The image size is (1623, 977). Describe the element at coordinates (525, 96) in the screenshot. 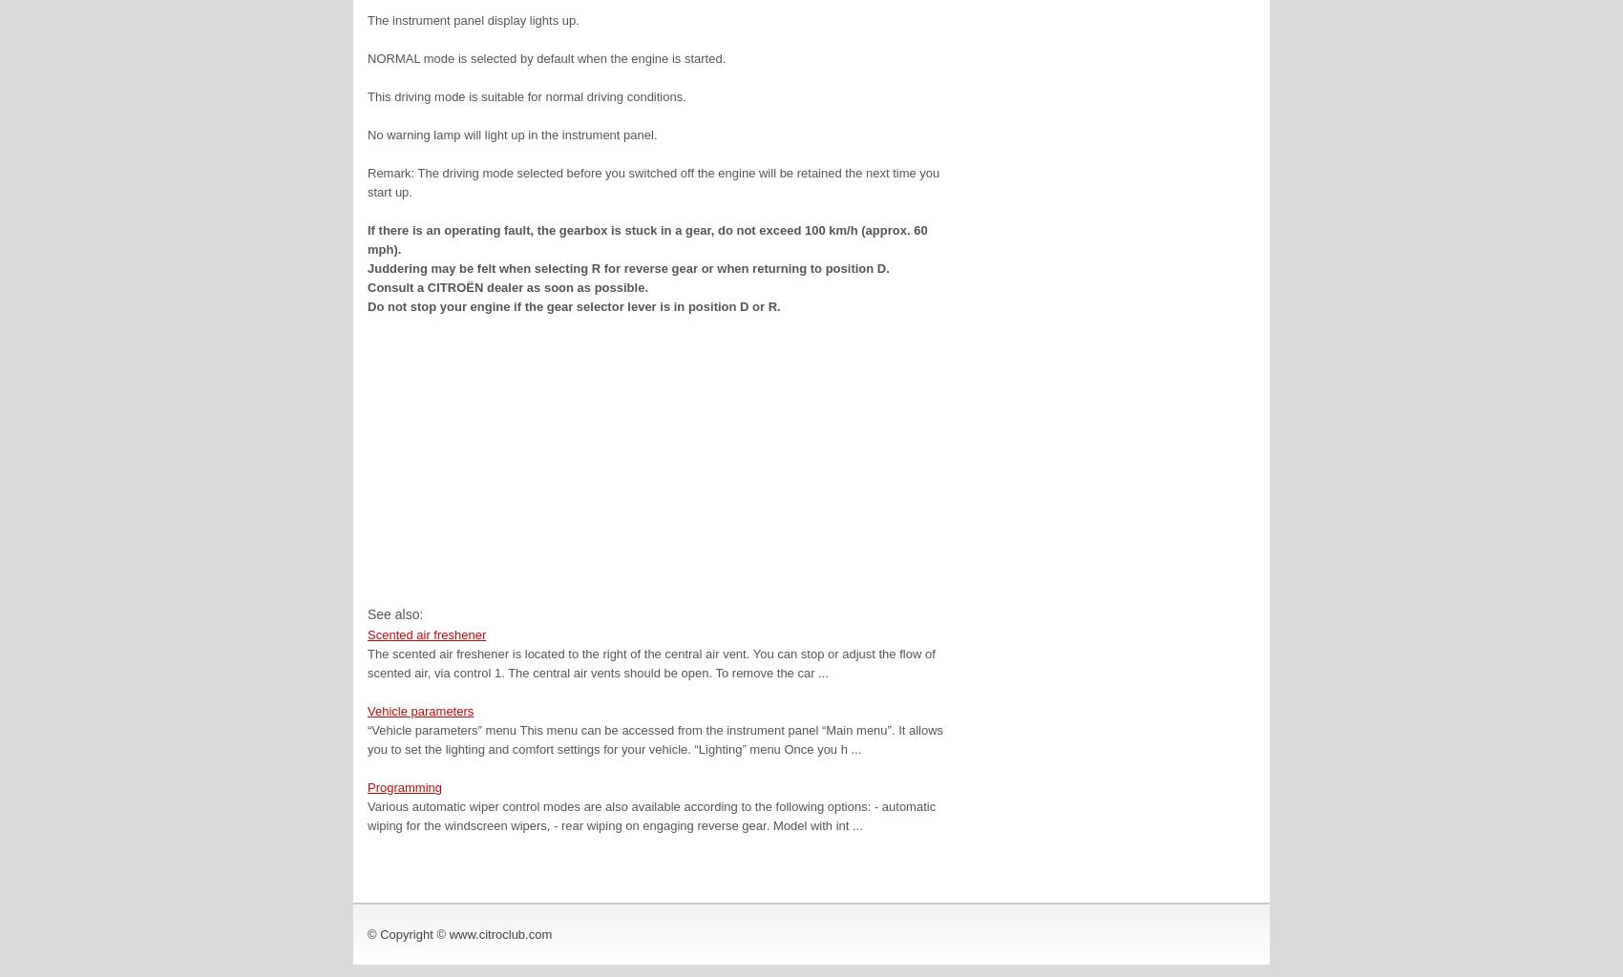

I see `'This driving mode is suitable for normal driving conditions.'` at that location.